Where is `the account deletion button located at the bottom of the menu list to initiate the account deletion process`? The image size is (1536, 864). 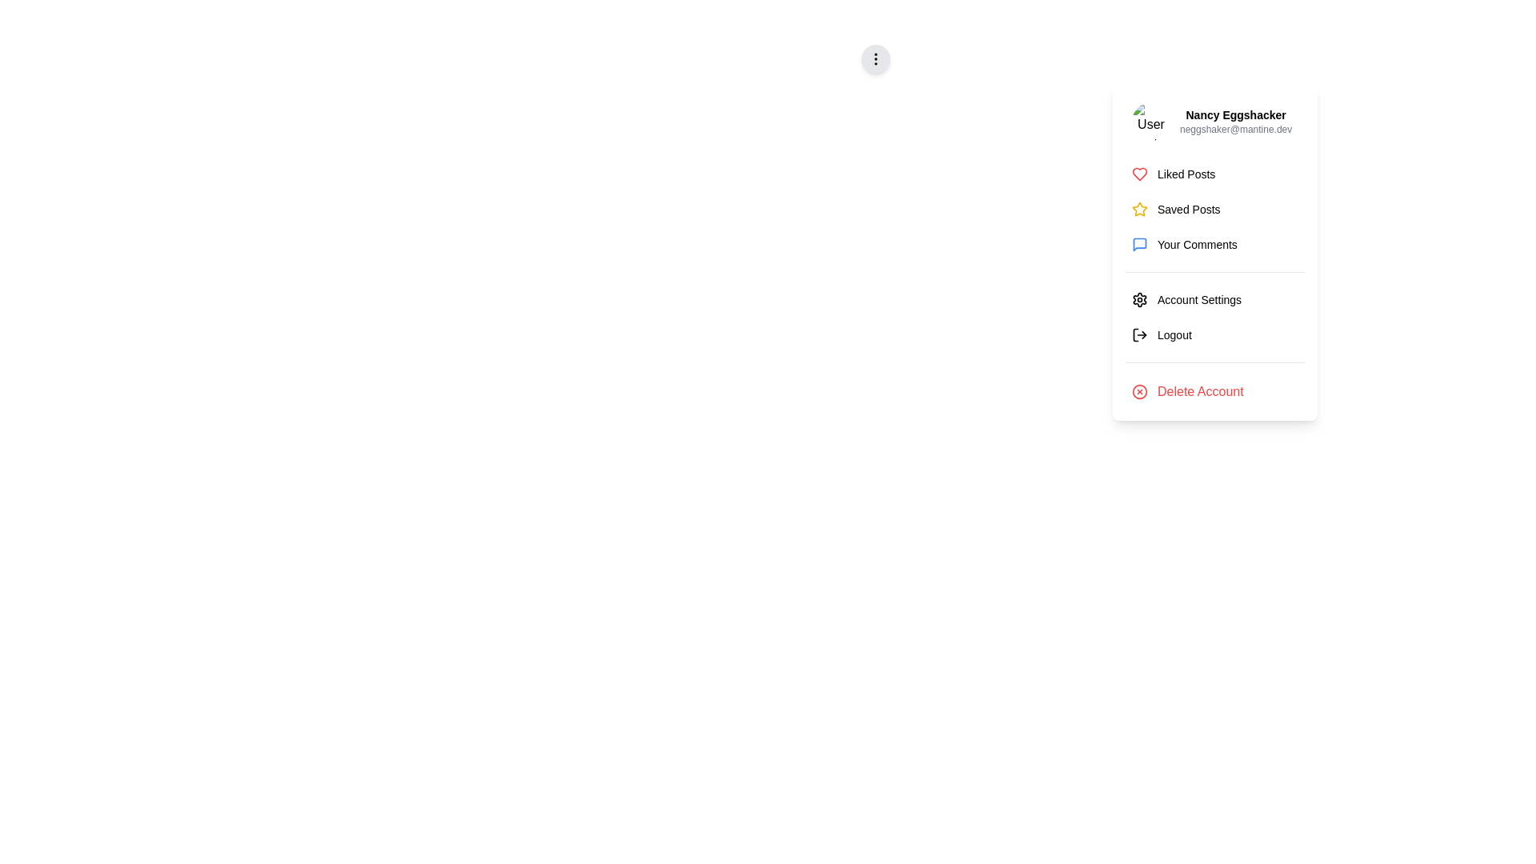
the account deletion button located at the bottom of the menu list to initiate the account deletion process is located at coordinates (1214, 391).